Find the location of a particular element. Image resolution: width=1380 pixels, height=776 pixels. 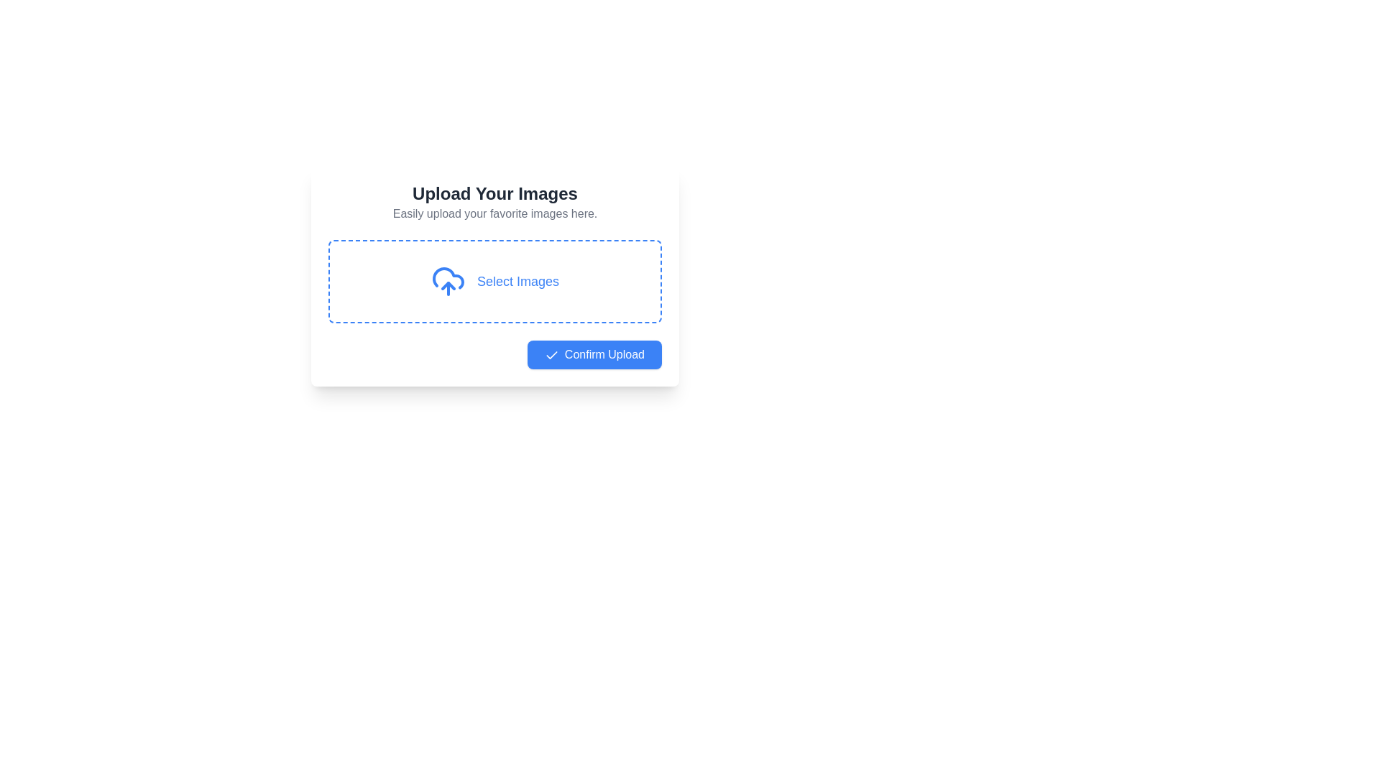

the textual header labeled 'Upload Your Images', which is styled with large bold letters and located at the top center of the section is located at coordinates (495, 194).